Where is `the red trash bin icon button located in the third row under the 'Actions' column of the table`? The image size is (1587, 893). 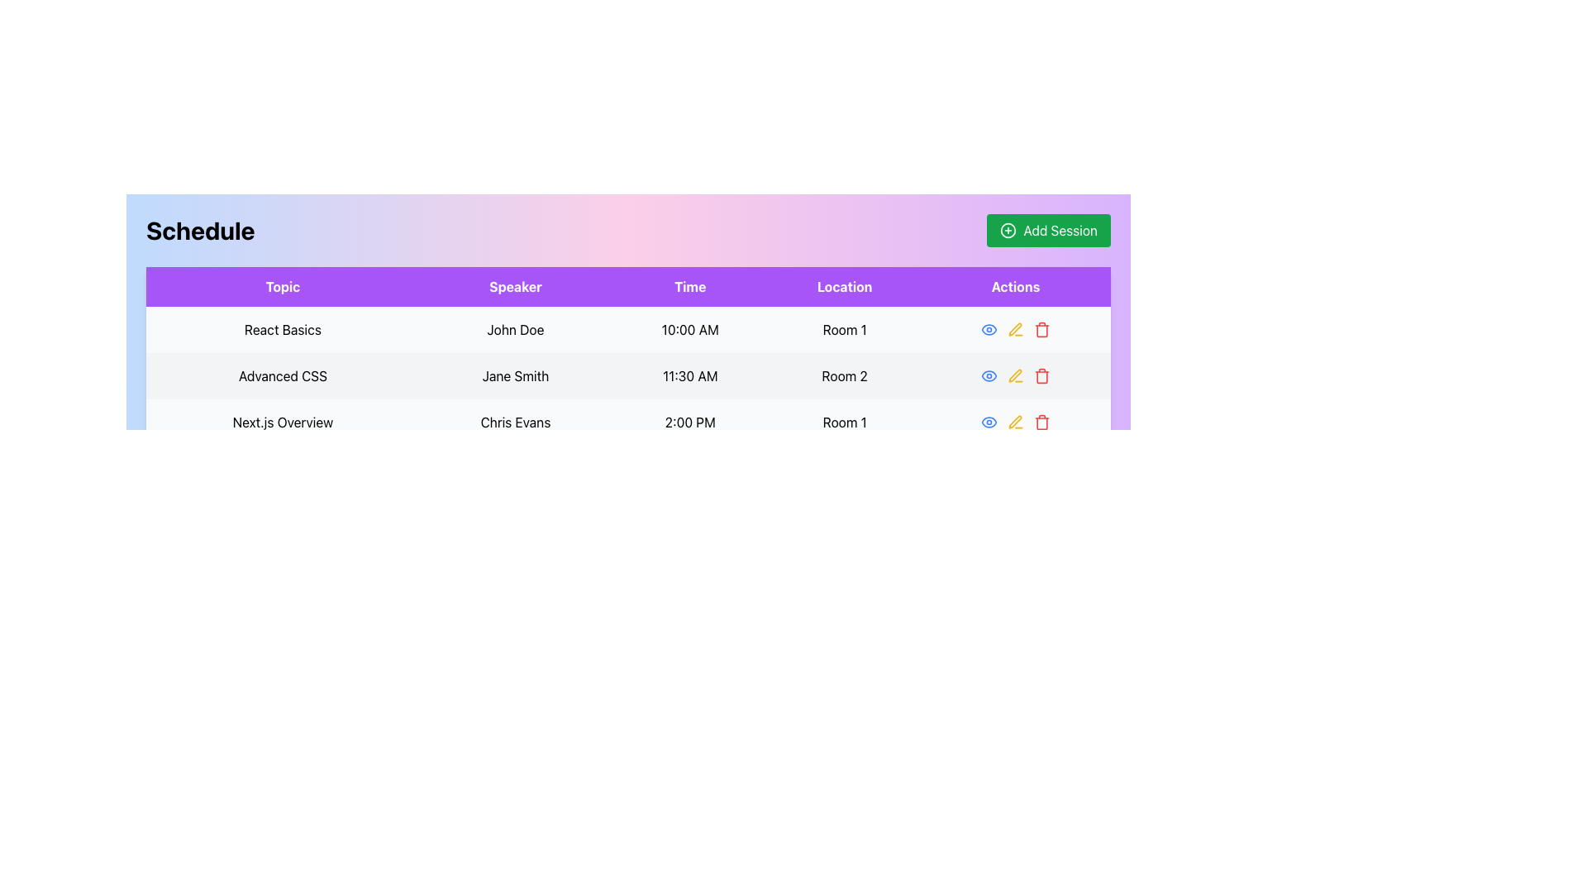 the red trash bin icon button located in the third row under the 'Actions' column of the table is located at coordinates (1041, 421).